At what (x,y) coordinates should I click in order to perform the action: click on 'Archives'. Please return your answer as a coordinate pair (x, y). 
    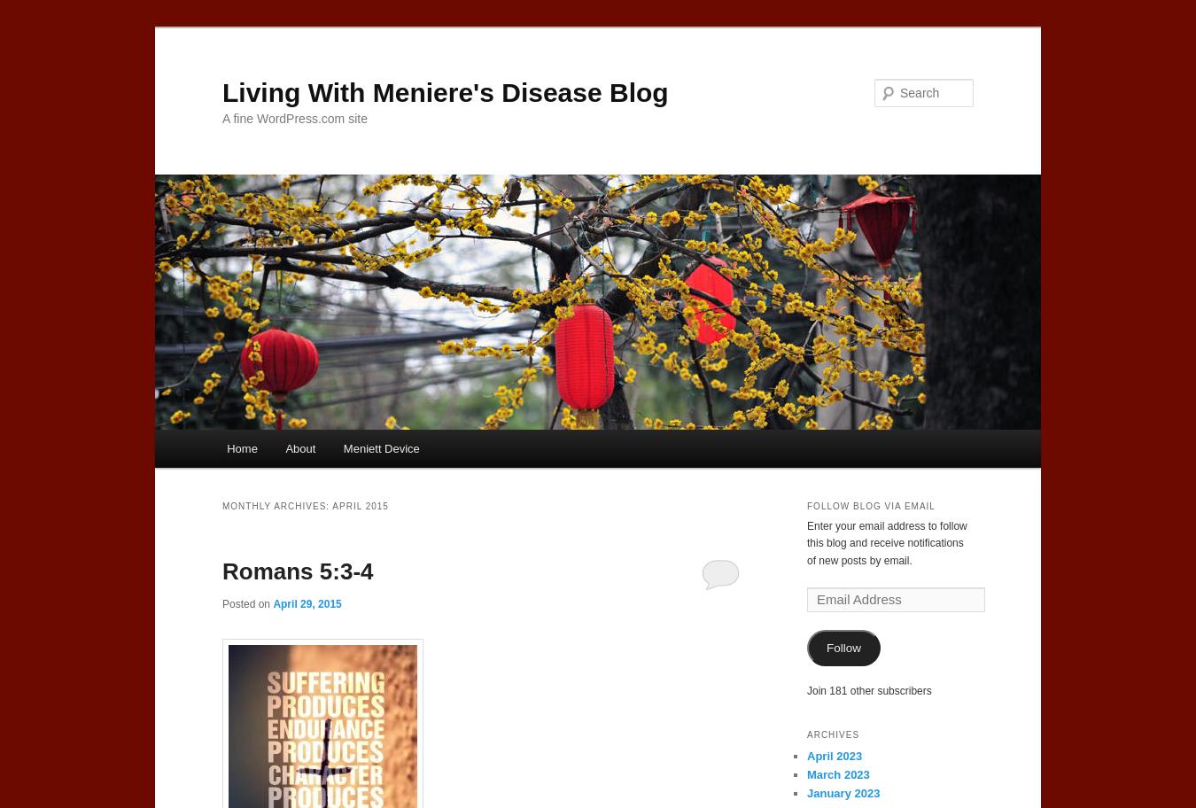
    Looking at the image, I should click on (832, 734).